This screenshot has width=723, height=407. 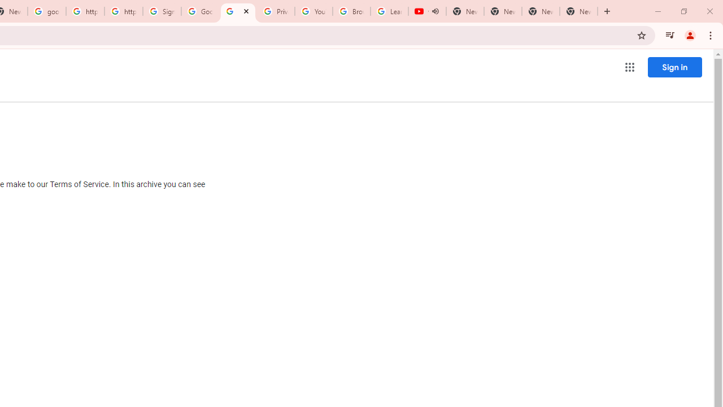 What do you see at coordinates (162, 11) in the screenshot?
I see `'Sign in - Google Accounts'` at bounding box center [162, 11].